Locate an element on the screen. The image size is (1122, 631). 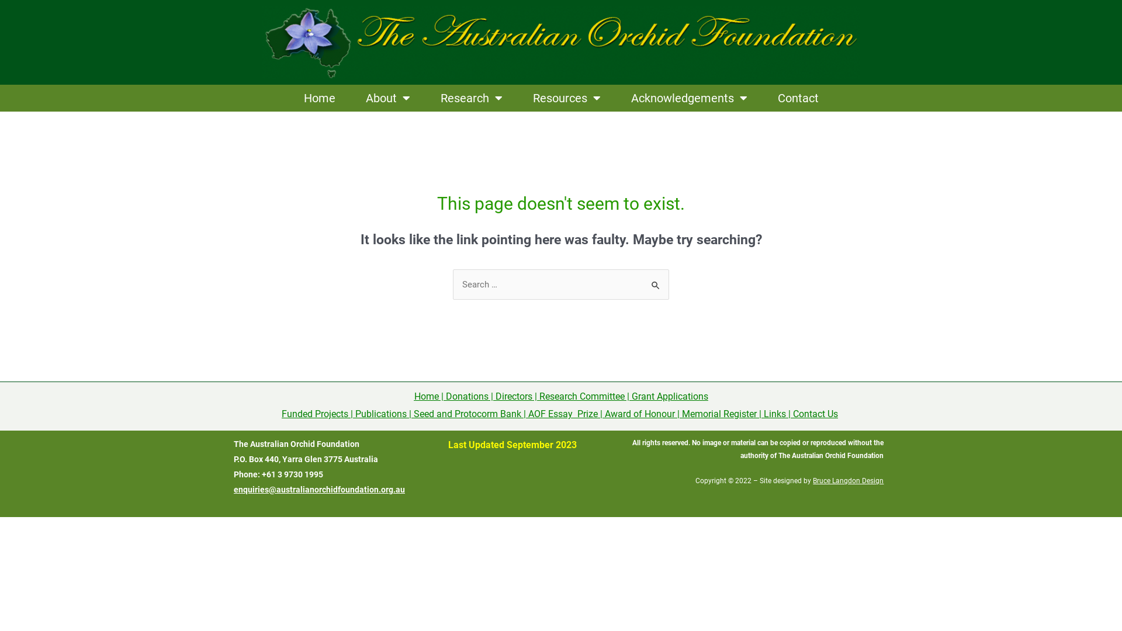
'enquiries@australianorchidfoundation.org.au' is located at coordinates (233, 489).